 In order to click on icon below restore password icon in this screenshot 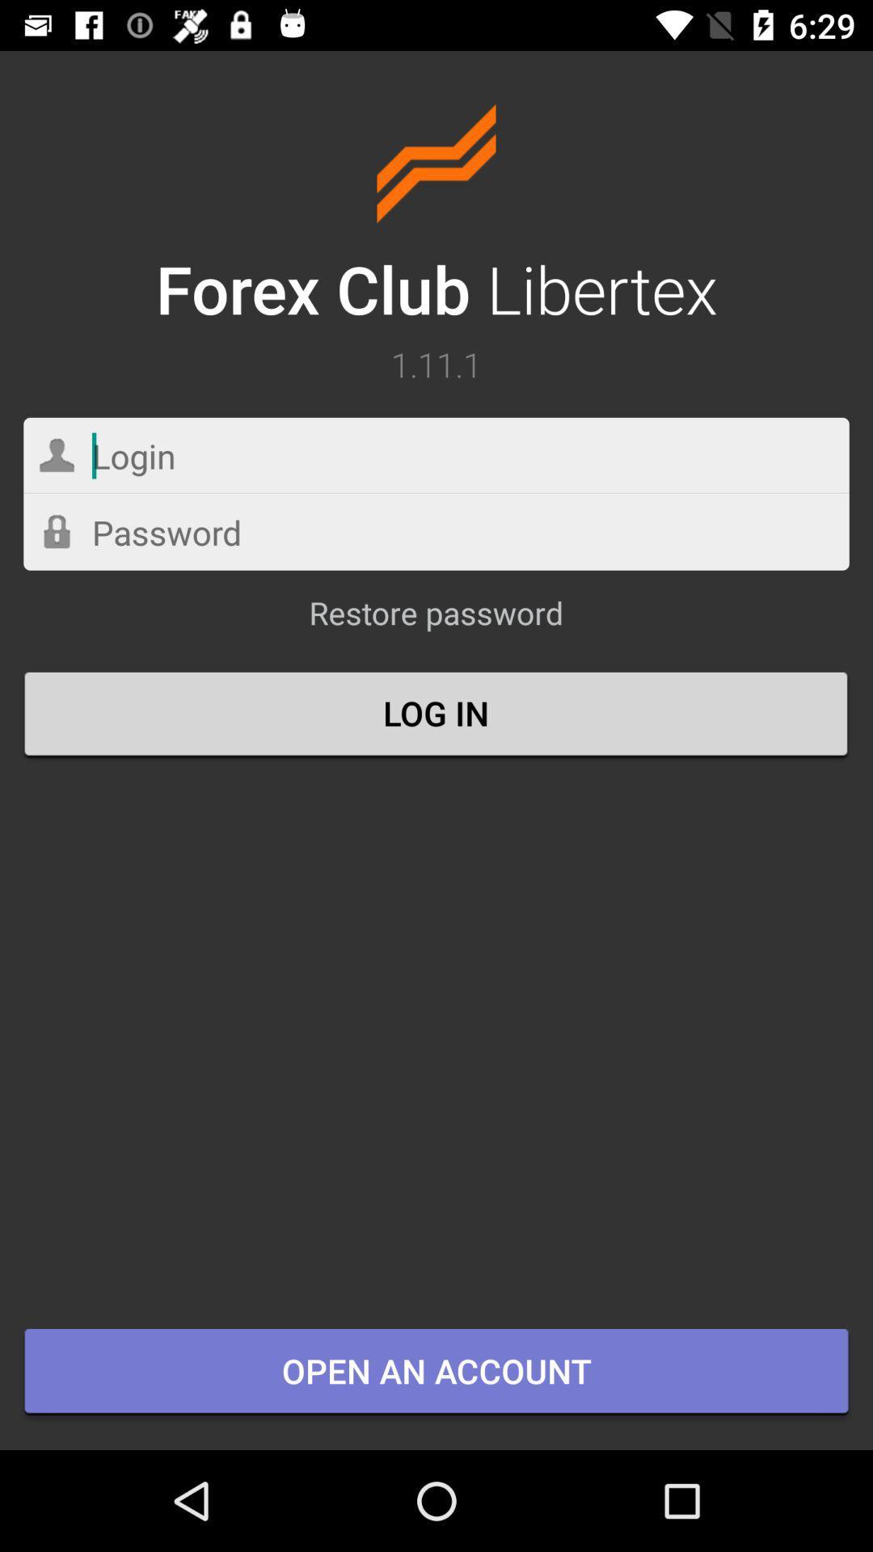, I will do `click(436, 715)`.